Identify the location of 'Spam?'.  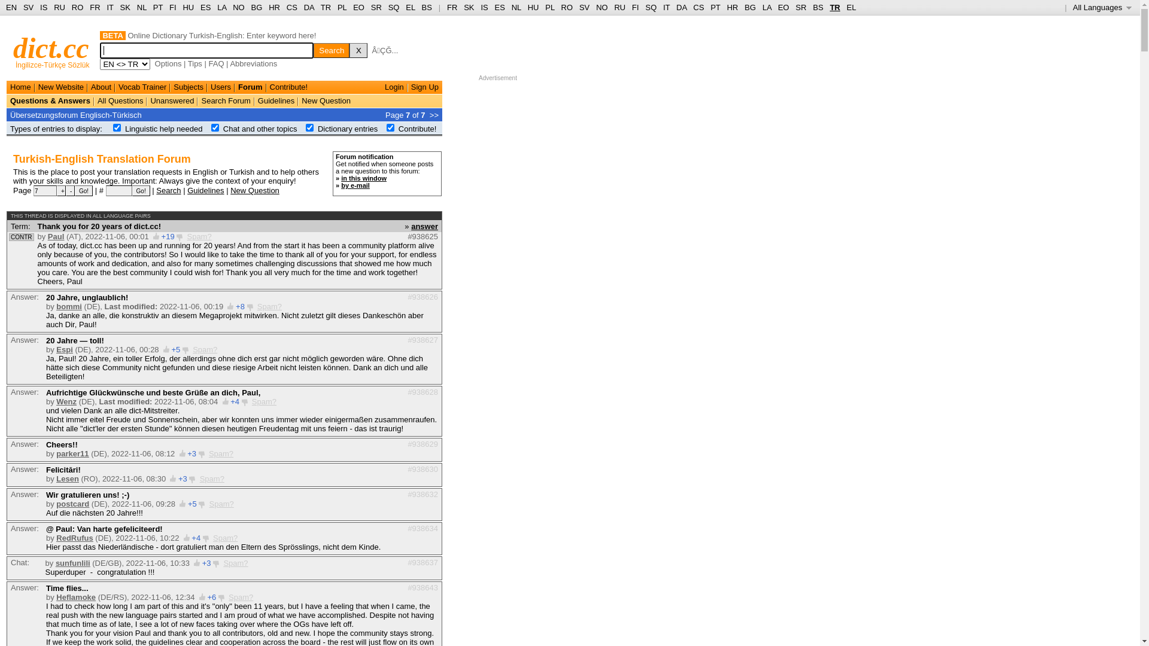
(263, 401).